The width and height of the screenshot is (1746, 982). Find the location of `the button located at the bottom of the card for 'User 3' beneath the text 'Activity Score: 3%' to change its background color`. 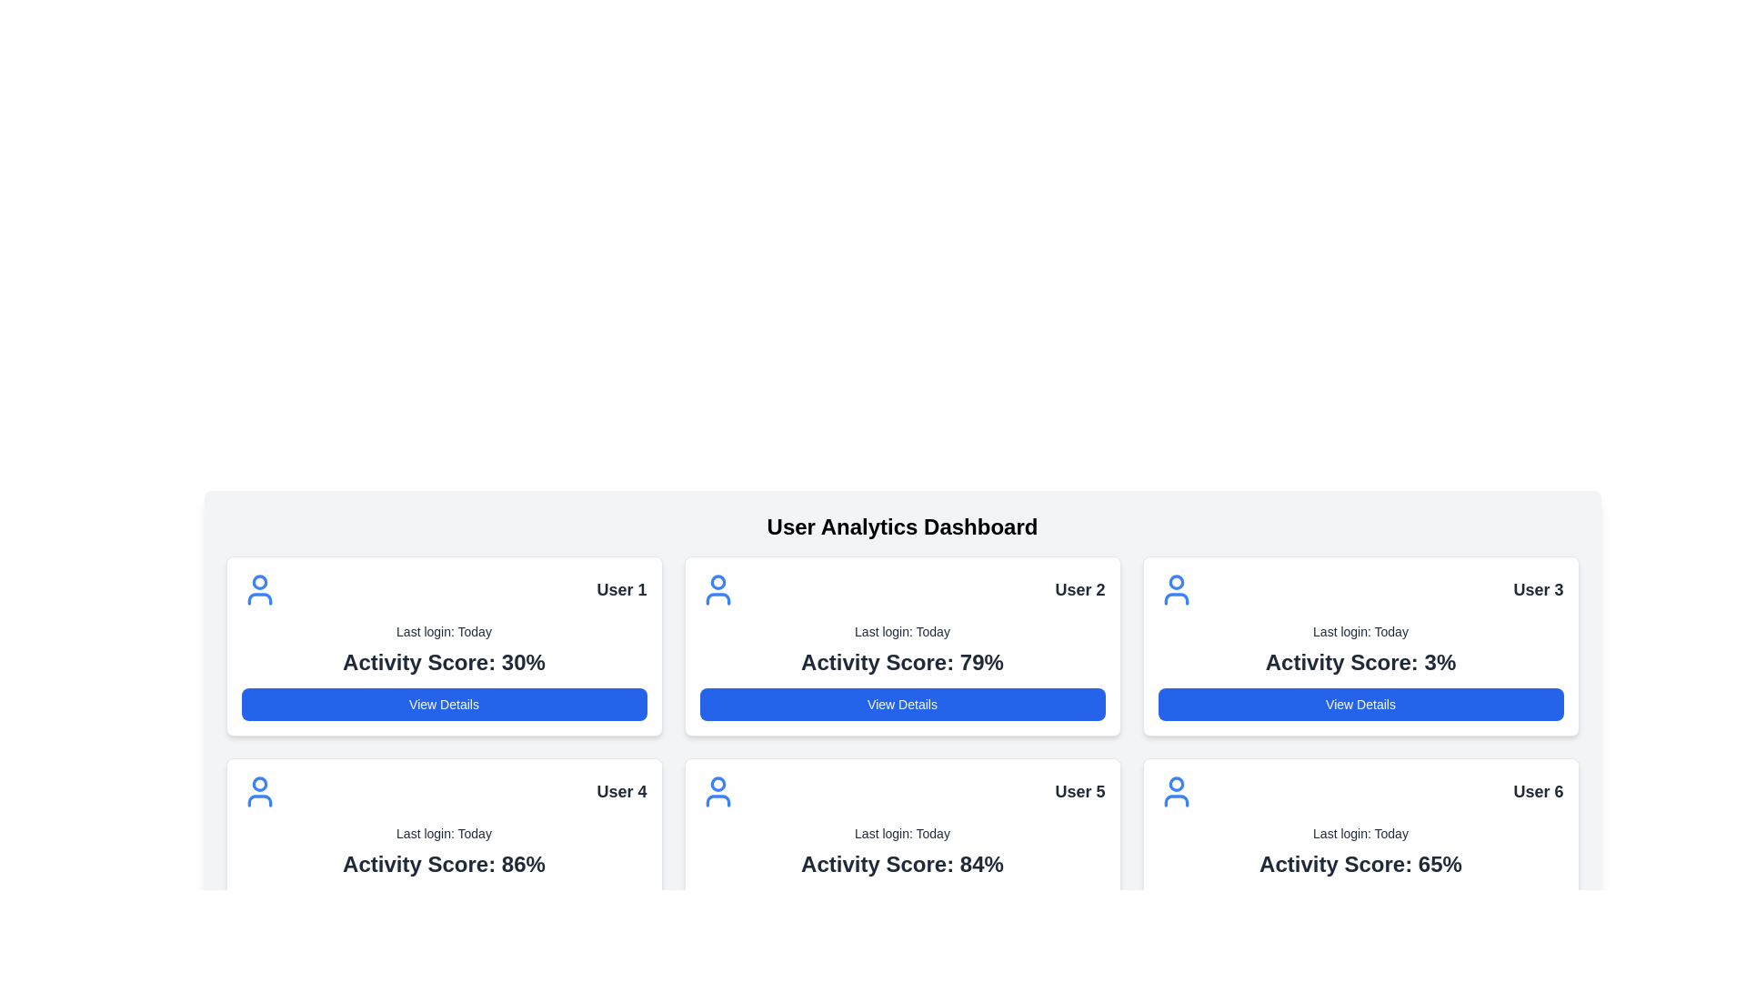

the button located at the bottom of the card for 'User 3' beneath the text 'Activity Score: 3%' to change its background color is located at coordinates (1360, 704).